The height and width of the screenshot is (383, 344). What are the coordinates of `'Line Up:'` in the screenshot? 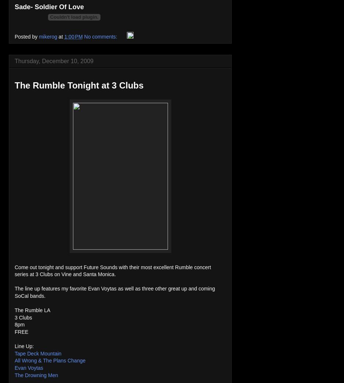 It's located at (24, 346).